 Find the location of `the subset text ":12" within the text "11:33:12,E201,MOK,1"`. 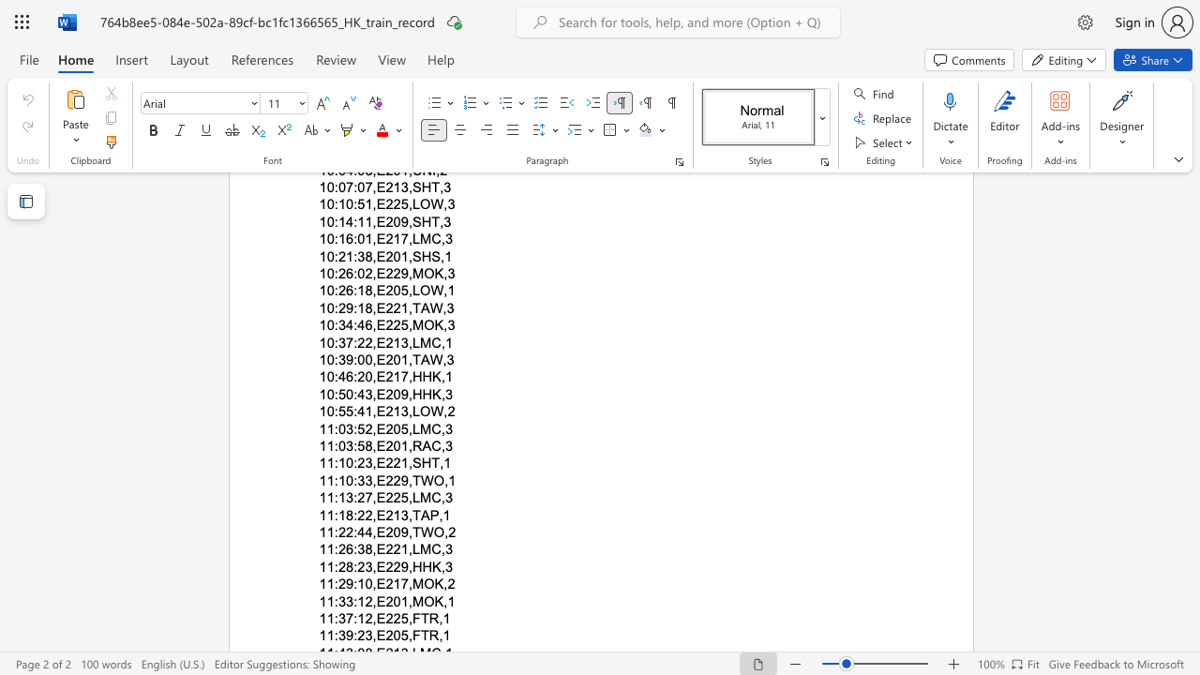

the subset text ":12" within the text "11:33:12,E201,MOK,1" is located at coordinates (353, 601).